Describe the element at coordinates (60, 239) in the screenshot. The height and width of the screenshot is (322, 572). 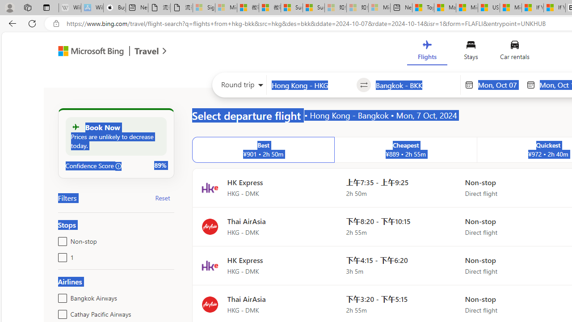
I see `'Non-stop'` at that location.